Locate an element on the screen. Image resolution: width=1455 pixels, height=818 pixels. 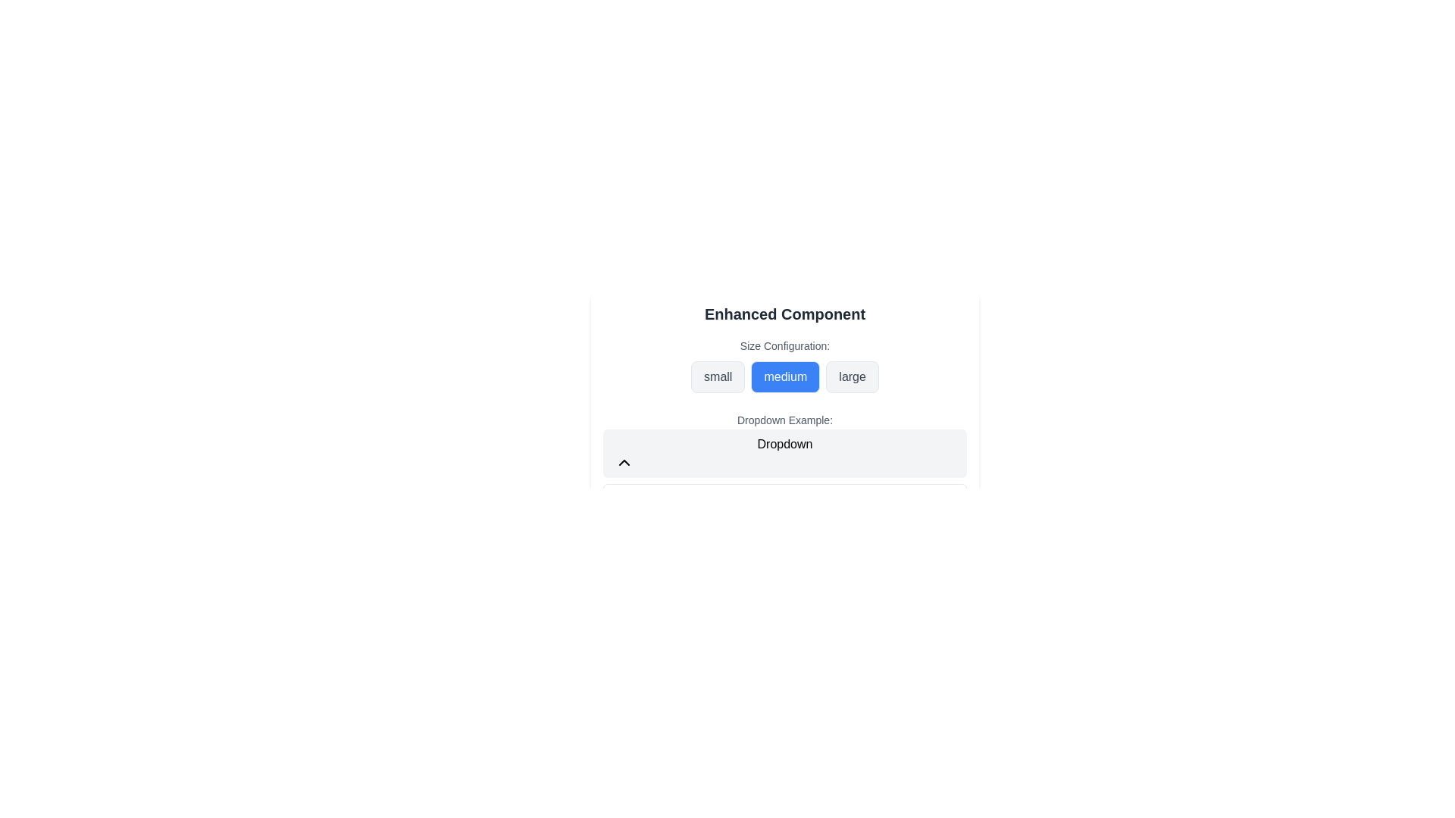
the button labeled 'large' is located at coordinates (853, 376).